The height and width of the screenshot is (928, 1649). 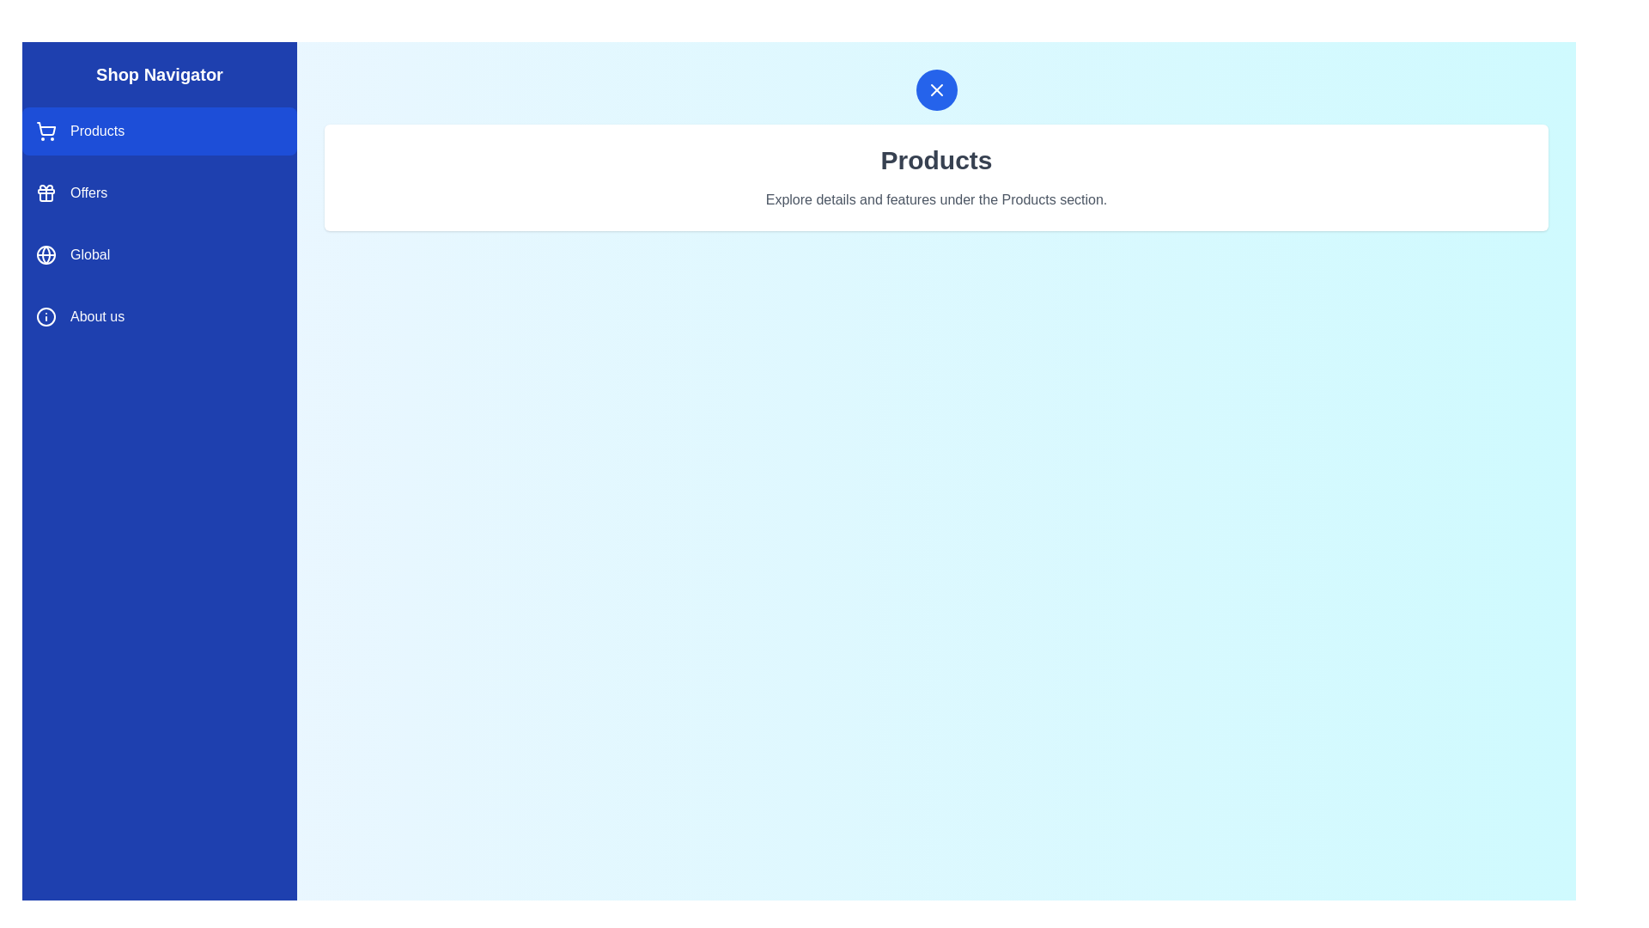 I want to click on the drawer item corresponding to the section Offers, so click(x=160, y=192).